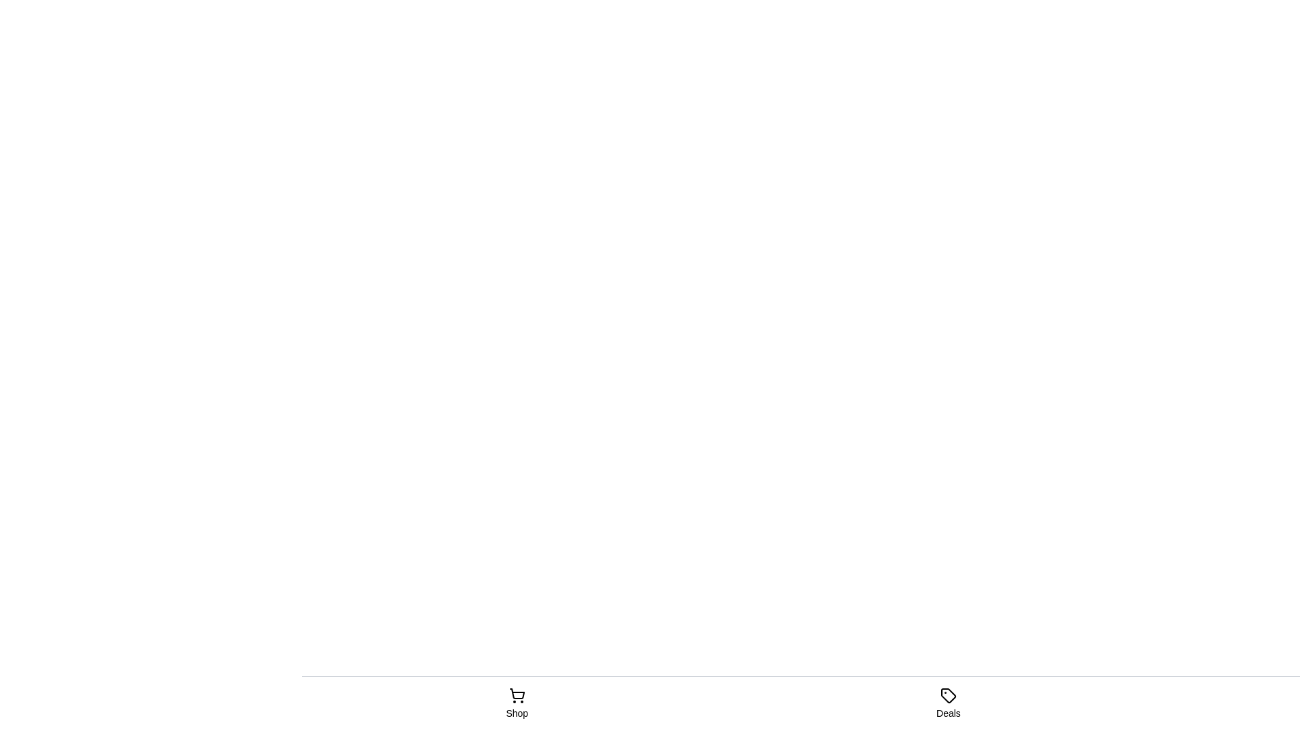 The image size is (1300, 731). Describe the element at coordinates (948, 703) in the screenshot. I see `the tab label Deals to select its text` at that location.